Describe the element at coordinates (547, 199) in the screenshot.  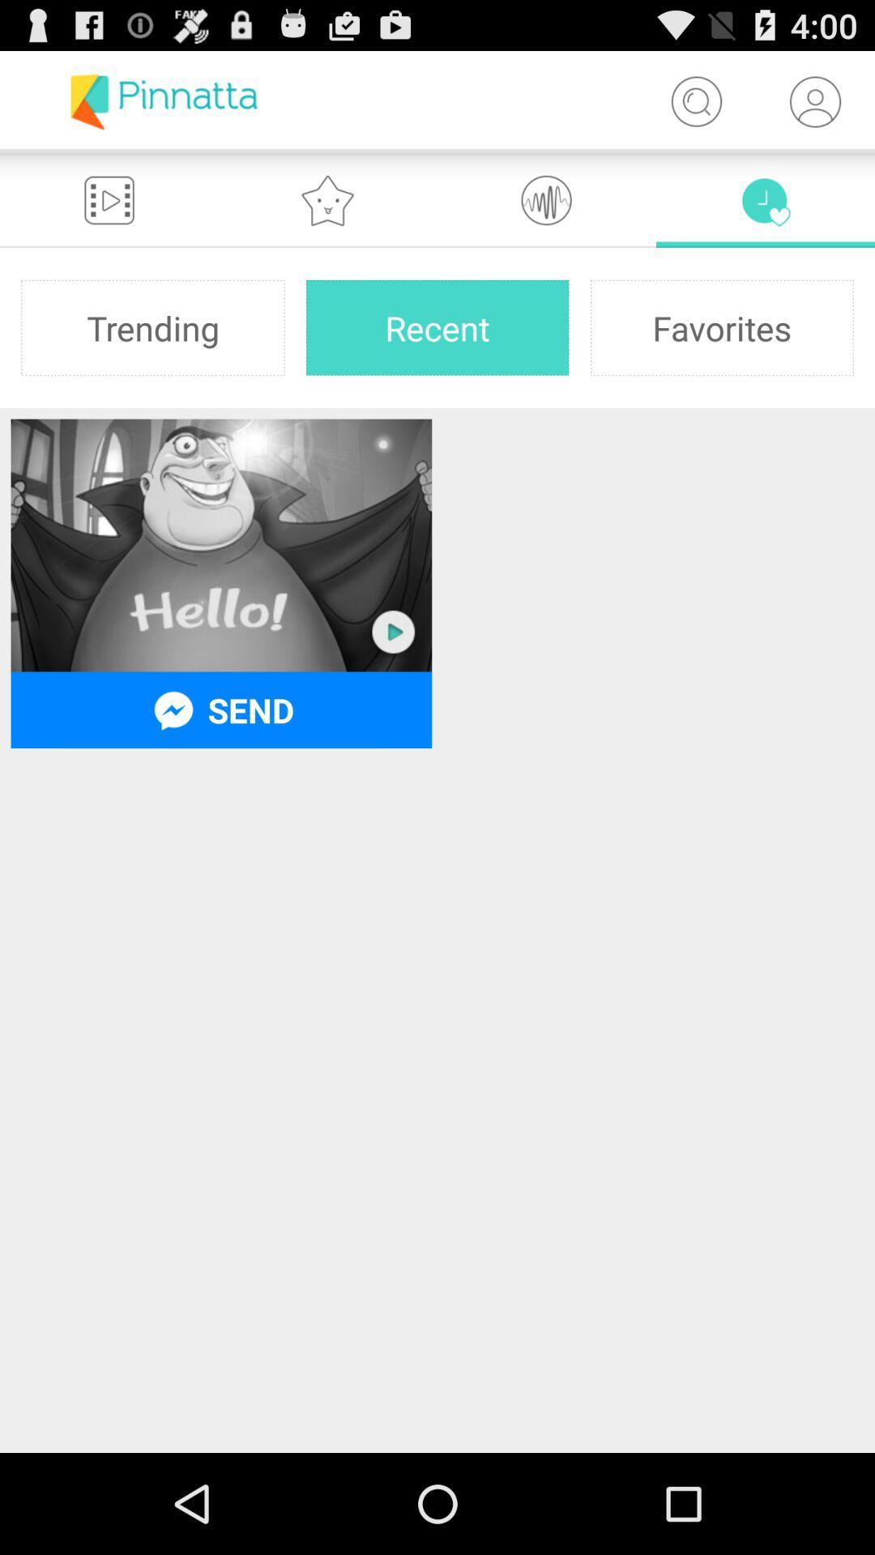
I see `the icon which is to the right of star icon` at that location.